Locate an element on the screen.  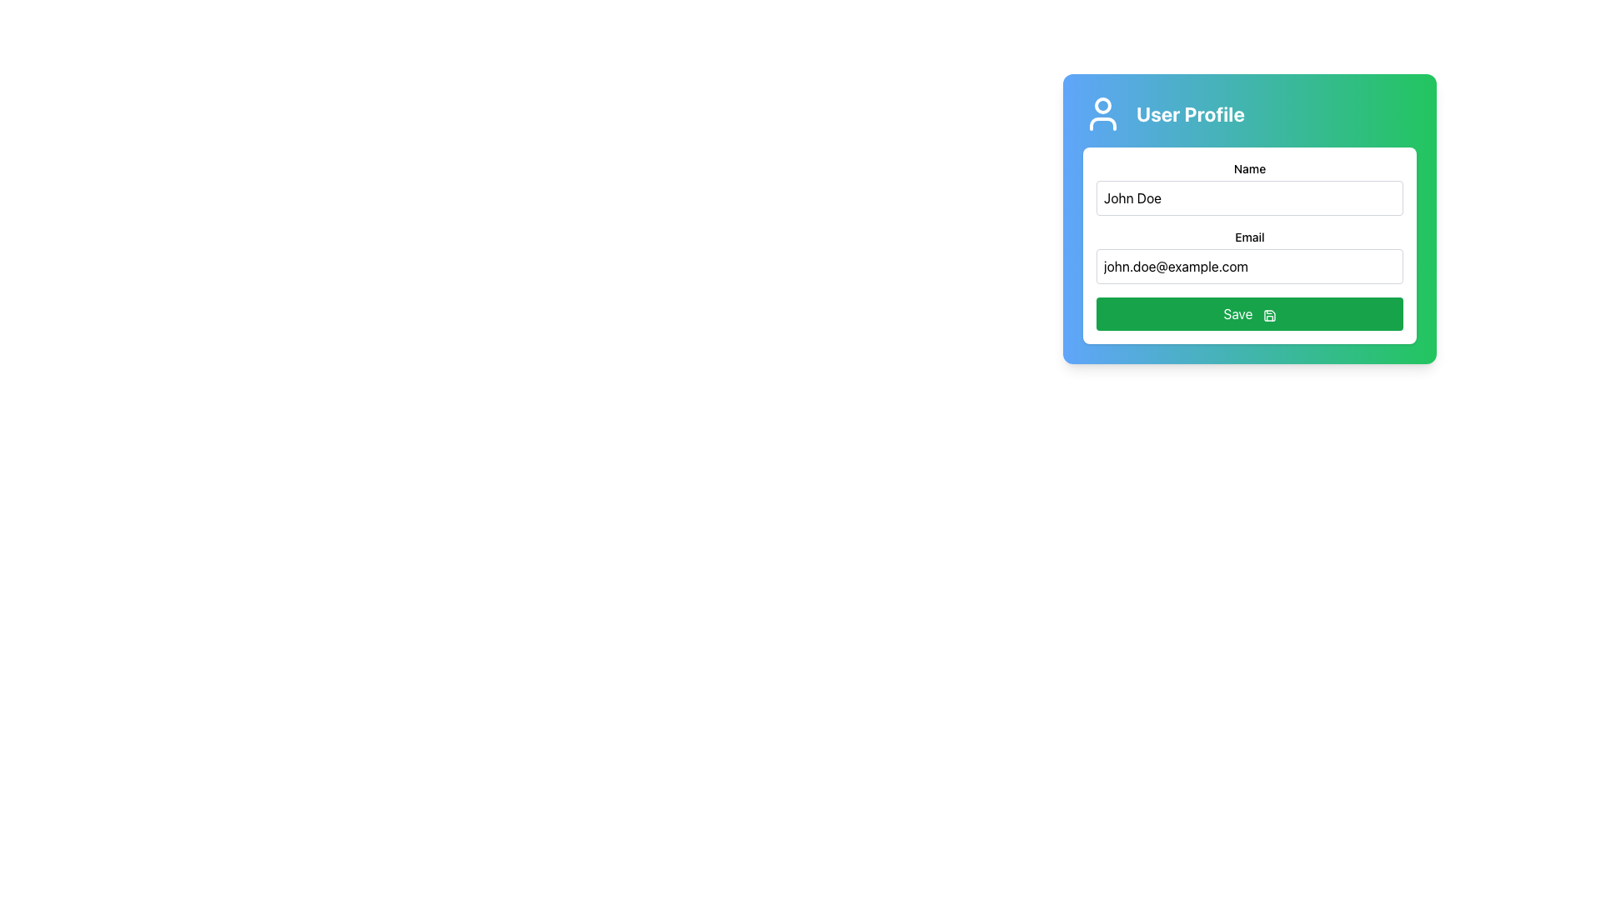
the save action icon represented by a floppy disk located within the save button at the bottom-right corner of the user profile card is located at coordinates (1268, 315).